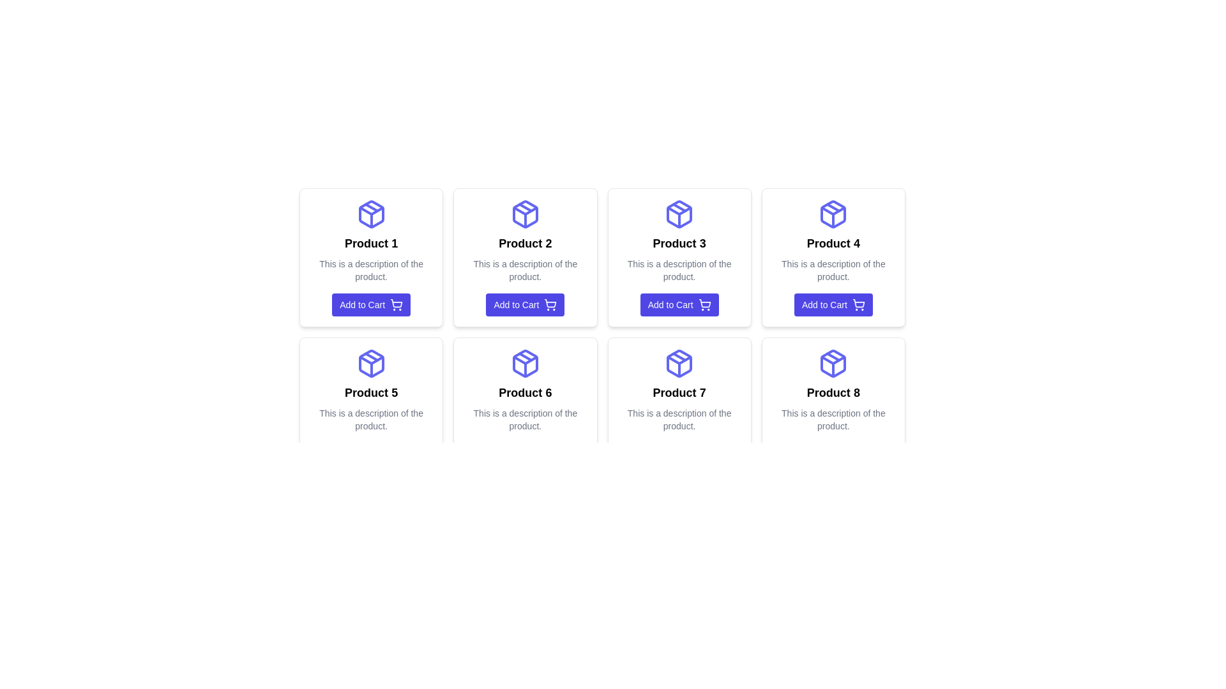 This screenshot has height=689, width=1226. Describe the element at coordinates (370, 420) in the screenshot. I see `the text label that contains the phrase 'This is a description of the product.' located in the 'Product 5' card, positioned below its title and icon, directly above the 'Add to Cart' button` at that location.